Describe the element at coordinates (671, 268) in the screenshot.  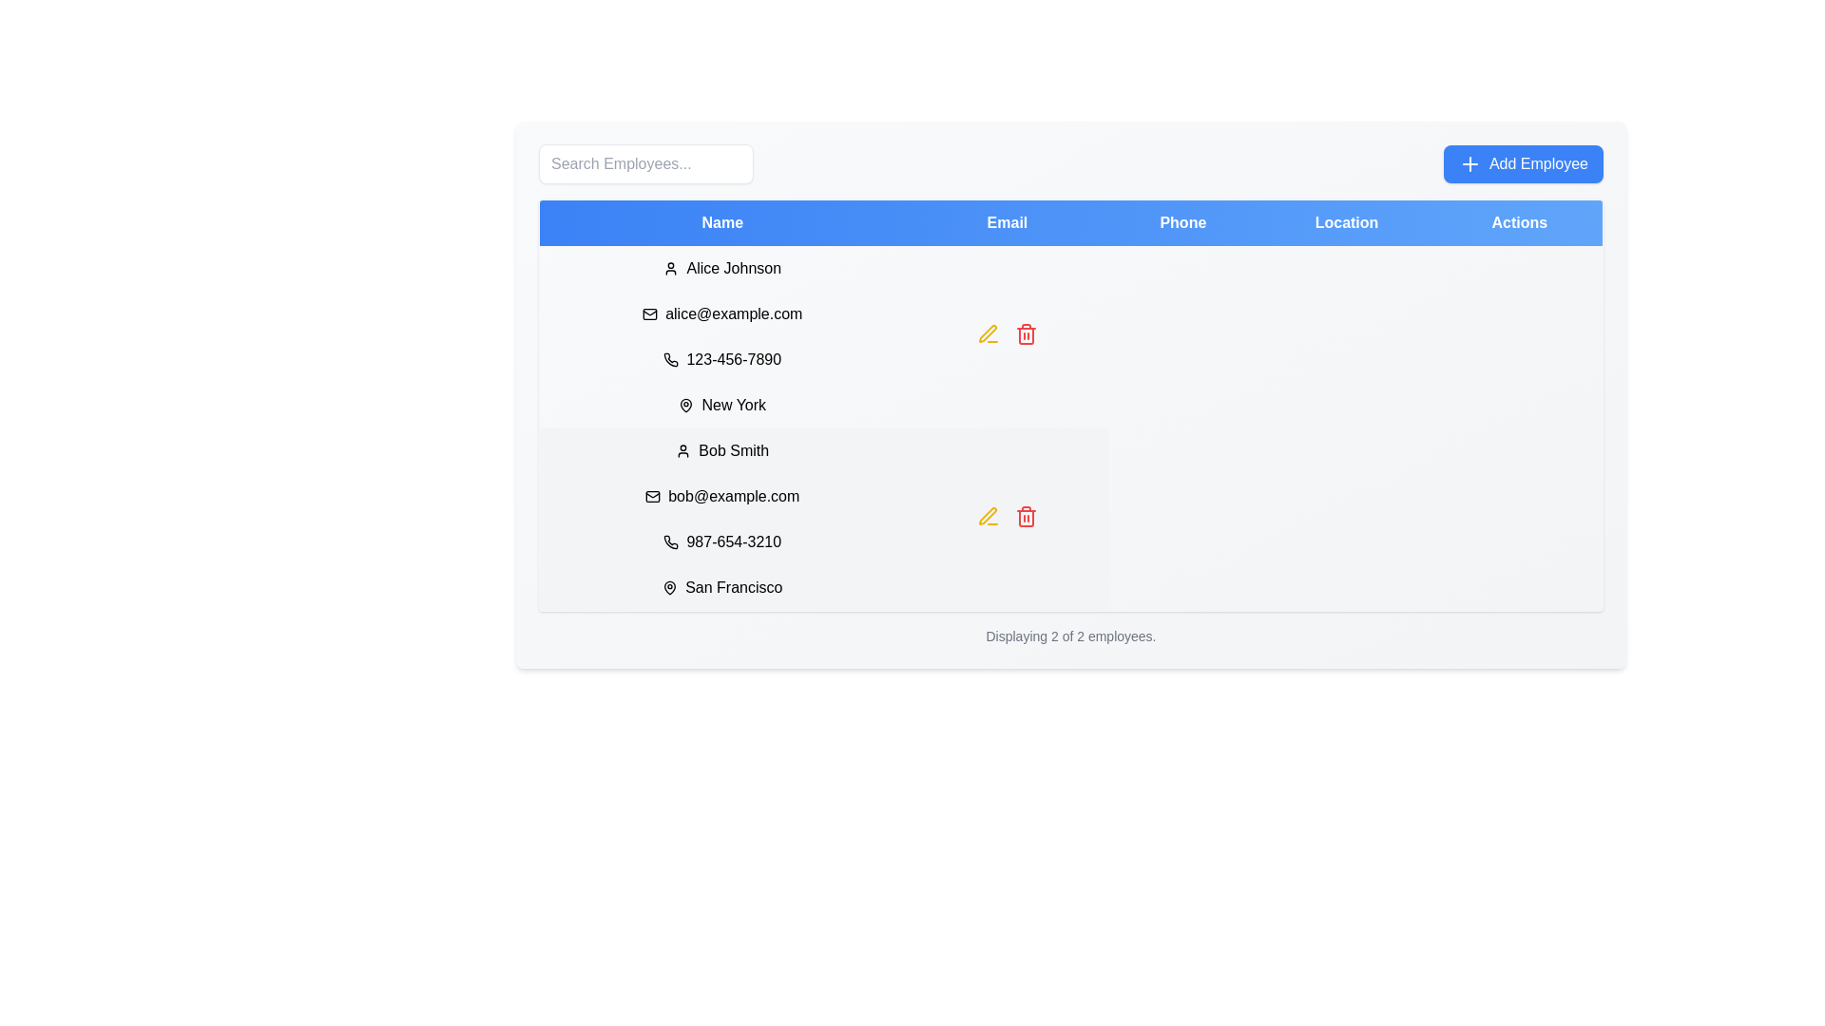
I see `the user icon representing 'Alice Johnson' in the user information table, which is positioned to the left of the text 'Alice Johnson'` at that location.